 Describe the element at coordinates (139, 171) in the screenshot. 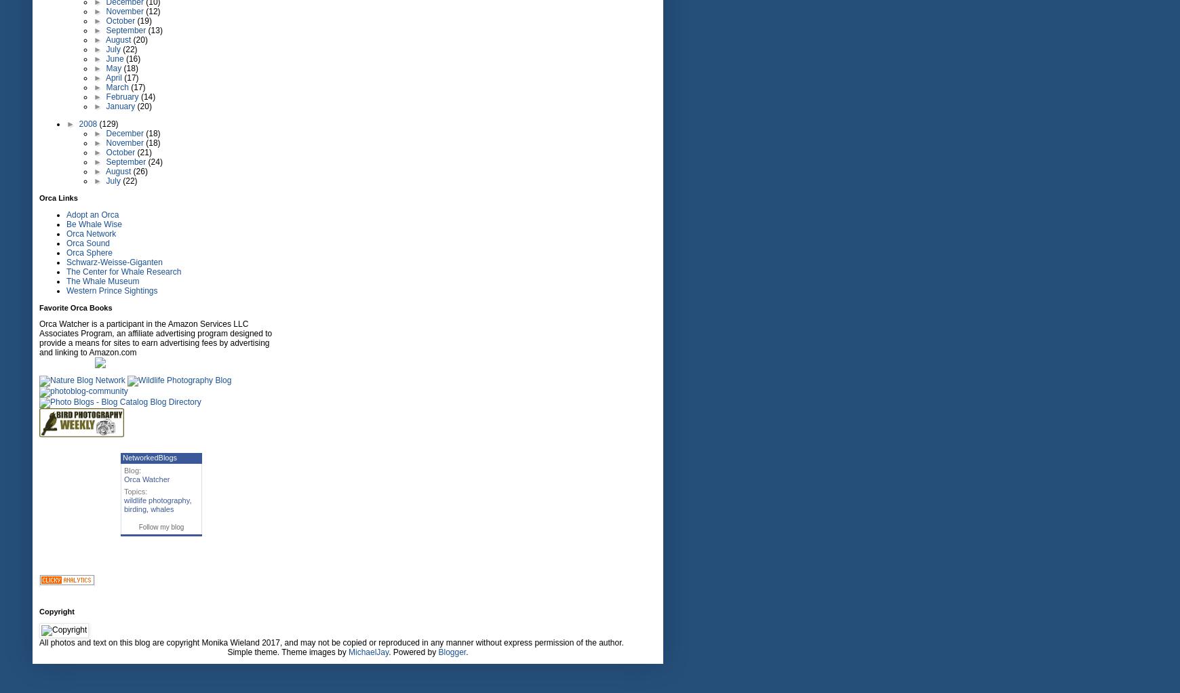

I see `'(26)'` at that location.